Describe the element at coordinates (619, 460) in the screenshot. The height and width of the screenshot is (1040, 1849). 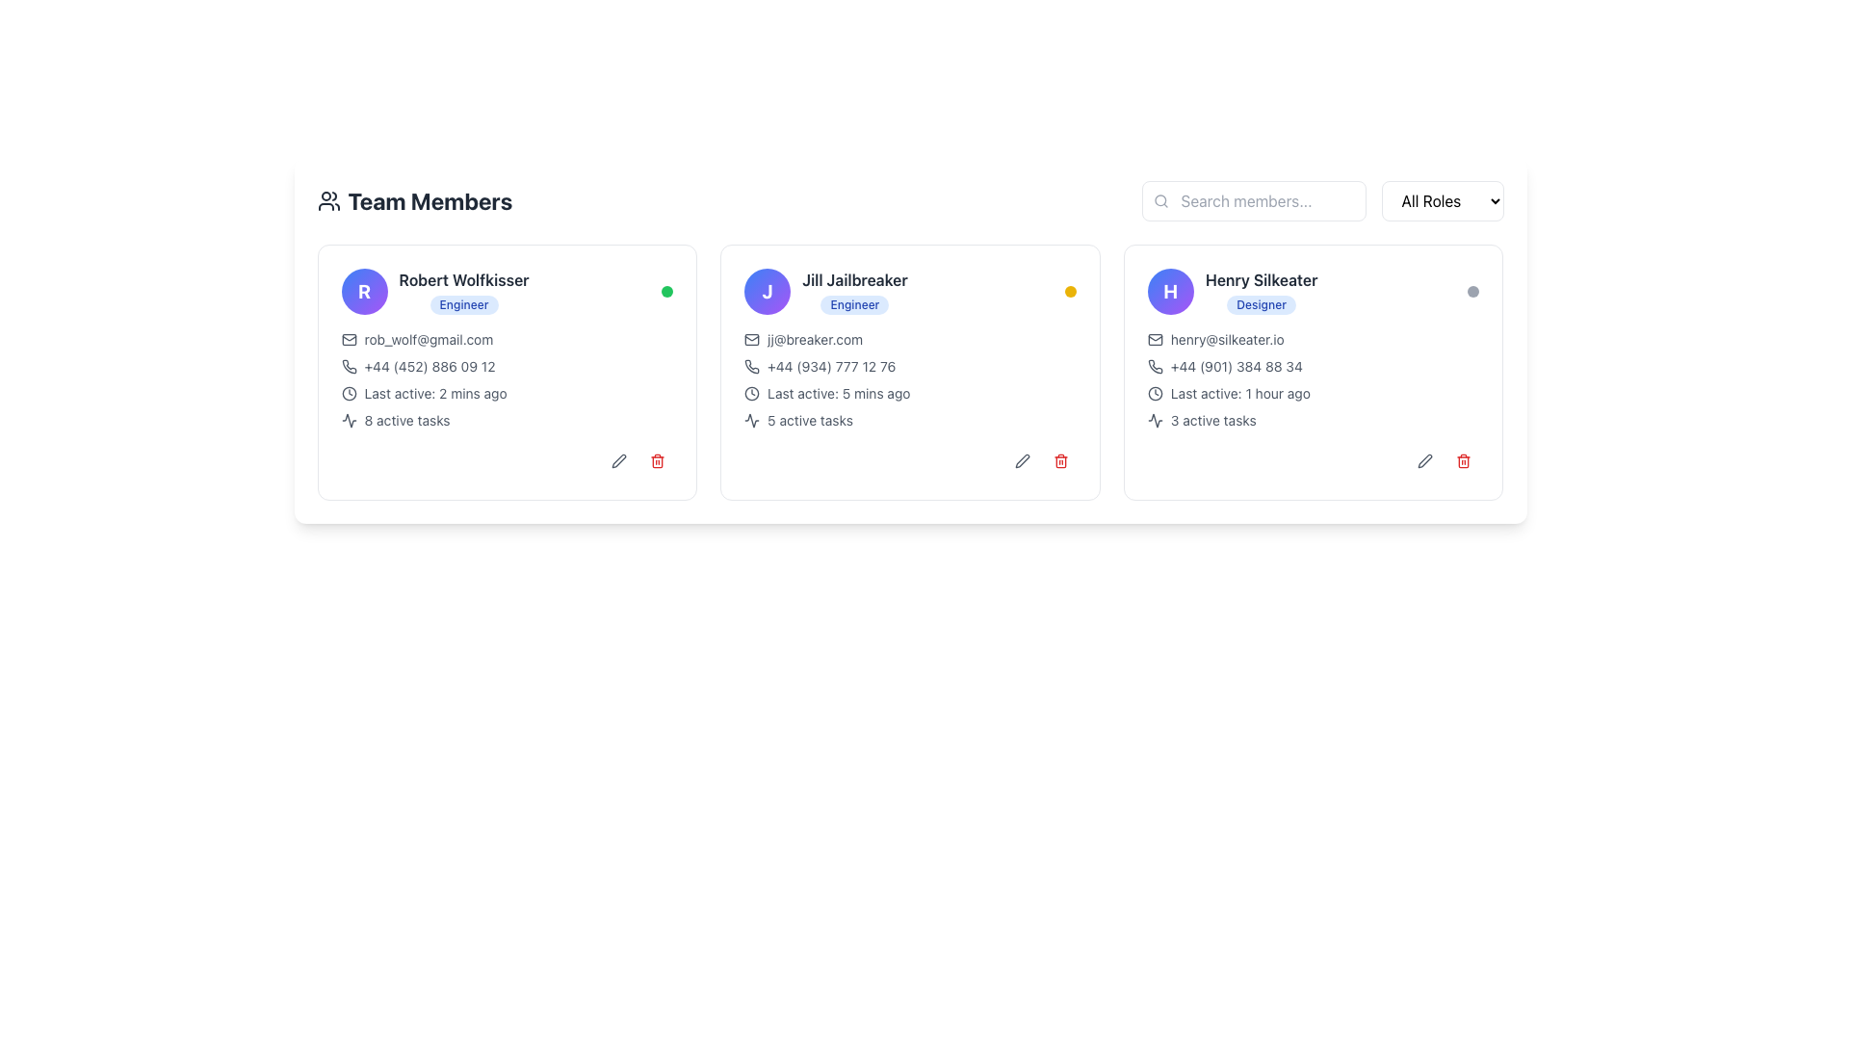
I see `the outlined gray pen icon button located within the first card featuring 'Robert Wolfkisser'` at that location.